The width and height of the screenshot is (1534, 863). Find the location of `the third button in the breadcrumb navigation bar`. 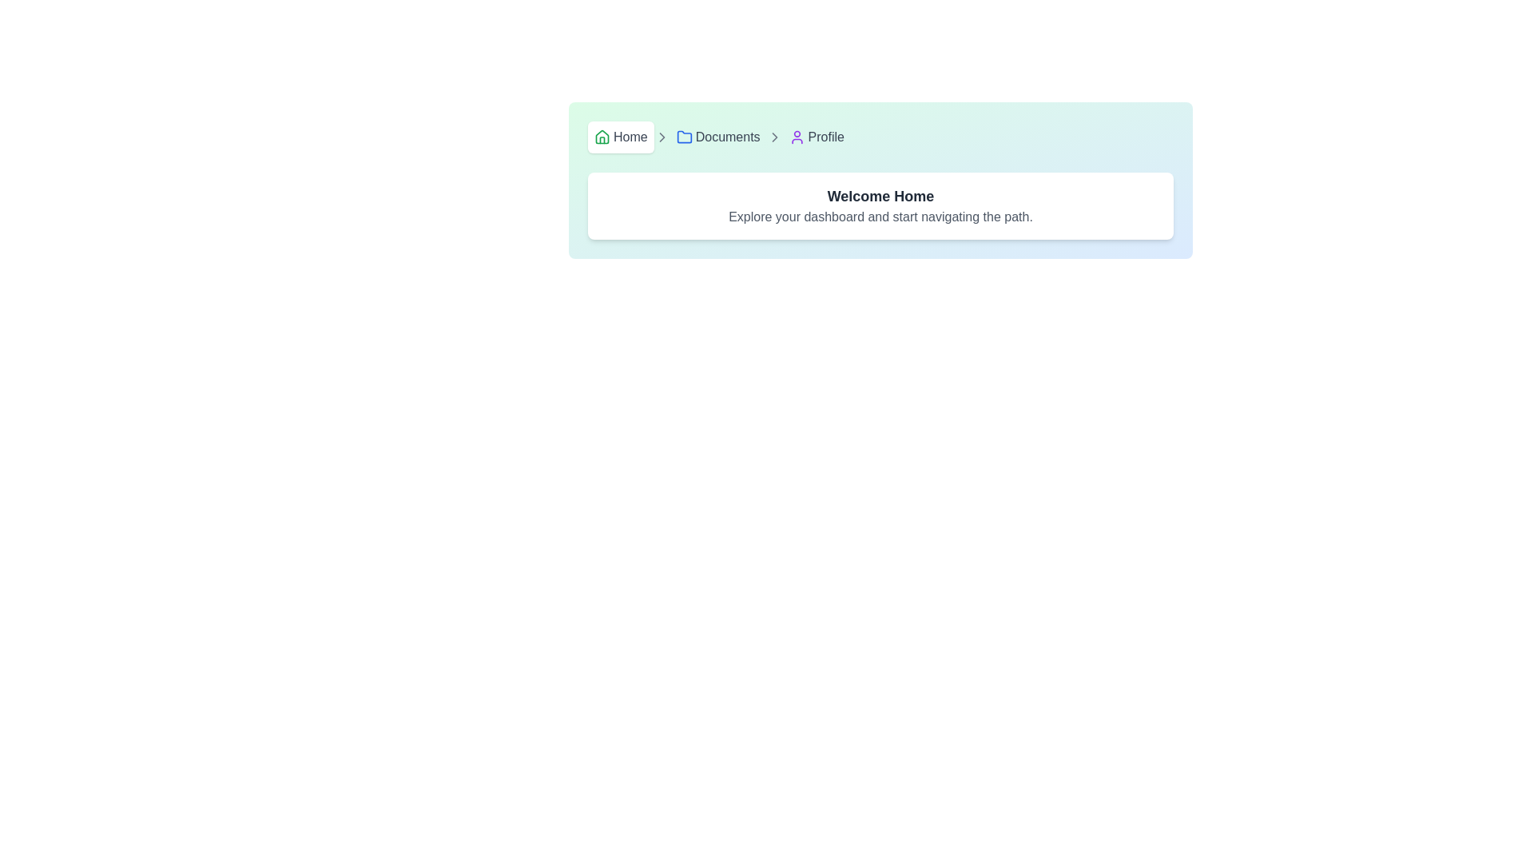

the third button in the breadcrumb navigation bar is located at coordinates (817, 137).